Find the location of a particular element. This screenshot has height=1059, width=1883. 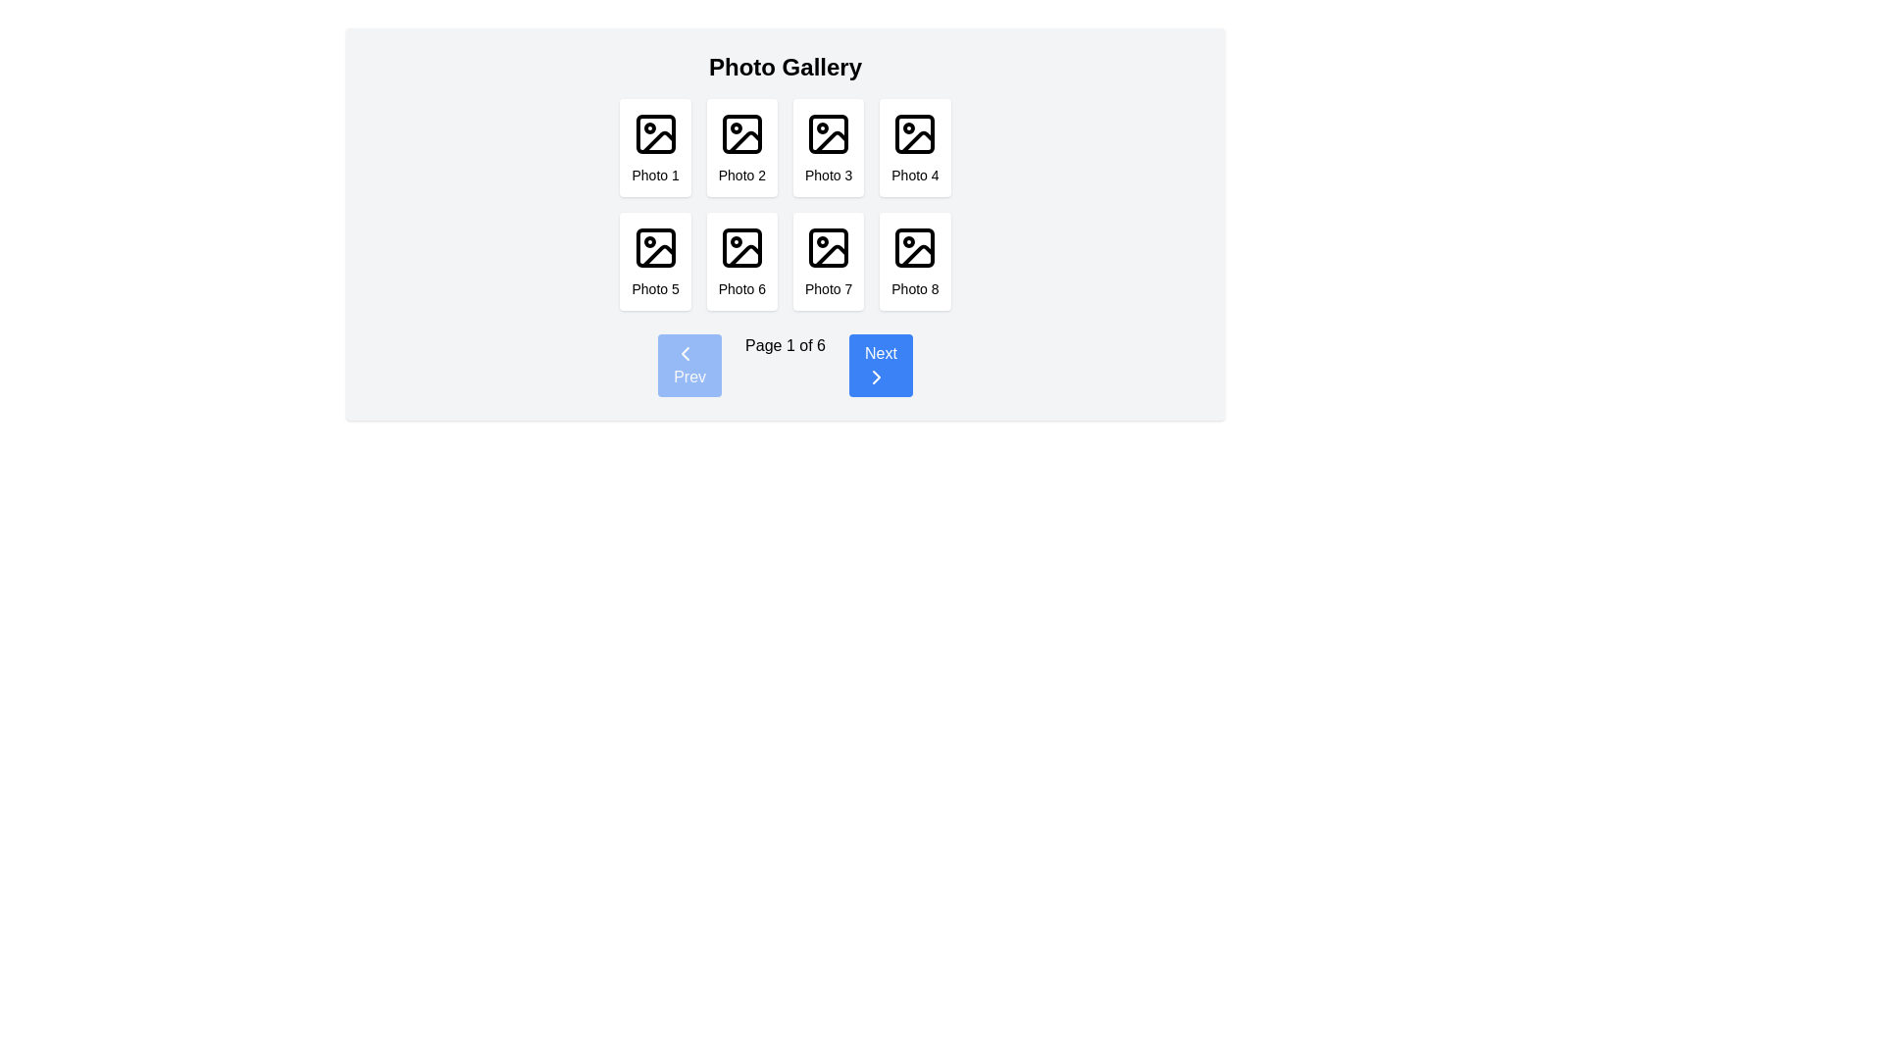

the card element labeled 'Photo 1' in the Photo Gallery as part of multiple selections is located at coordinates (655, 146).